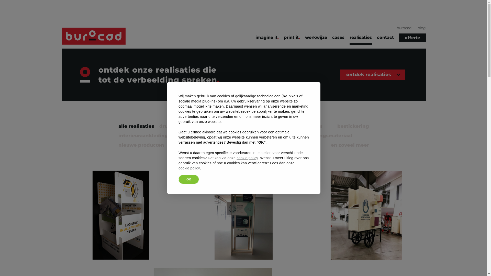 The image size is (491, 276). I want to click on 'contact', so click(385, 39).